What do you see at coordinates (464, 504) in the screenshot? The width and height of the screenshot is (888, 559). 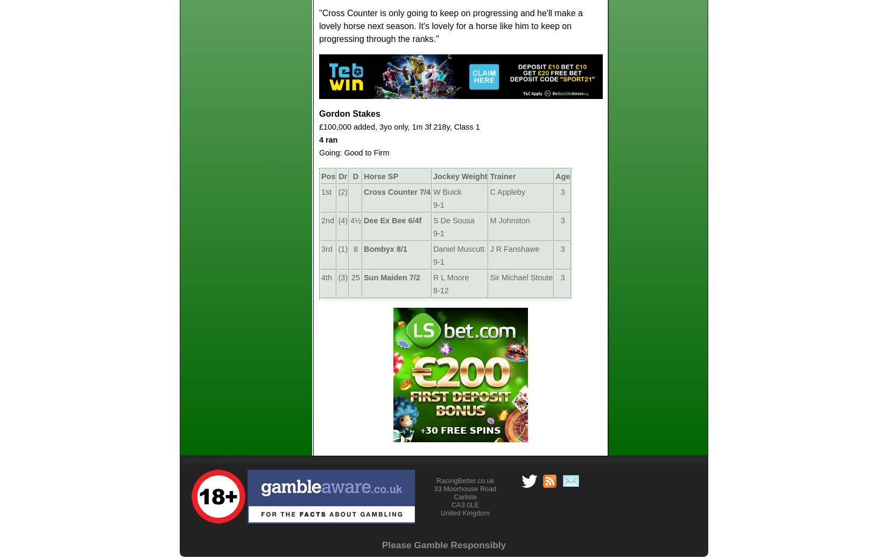 I see `'CA3 0LE'` at bounding box center [464, 504].